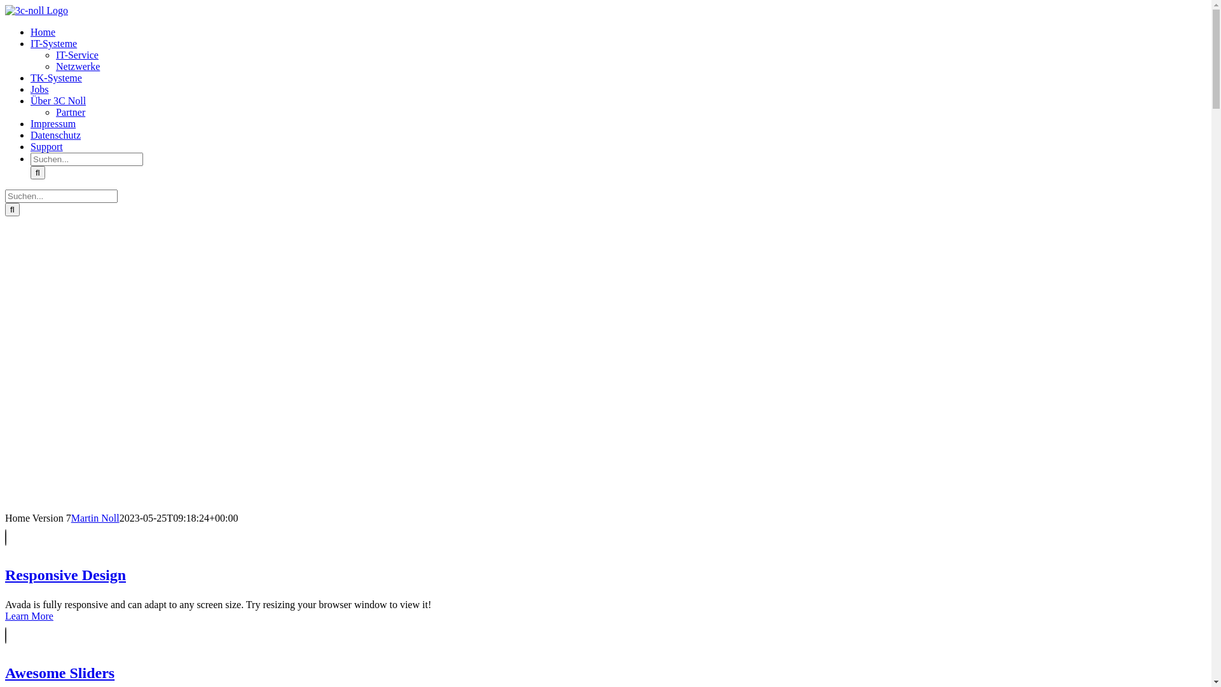  I want to click on 'IT-Service', so click(76, 54).